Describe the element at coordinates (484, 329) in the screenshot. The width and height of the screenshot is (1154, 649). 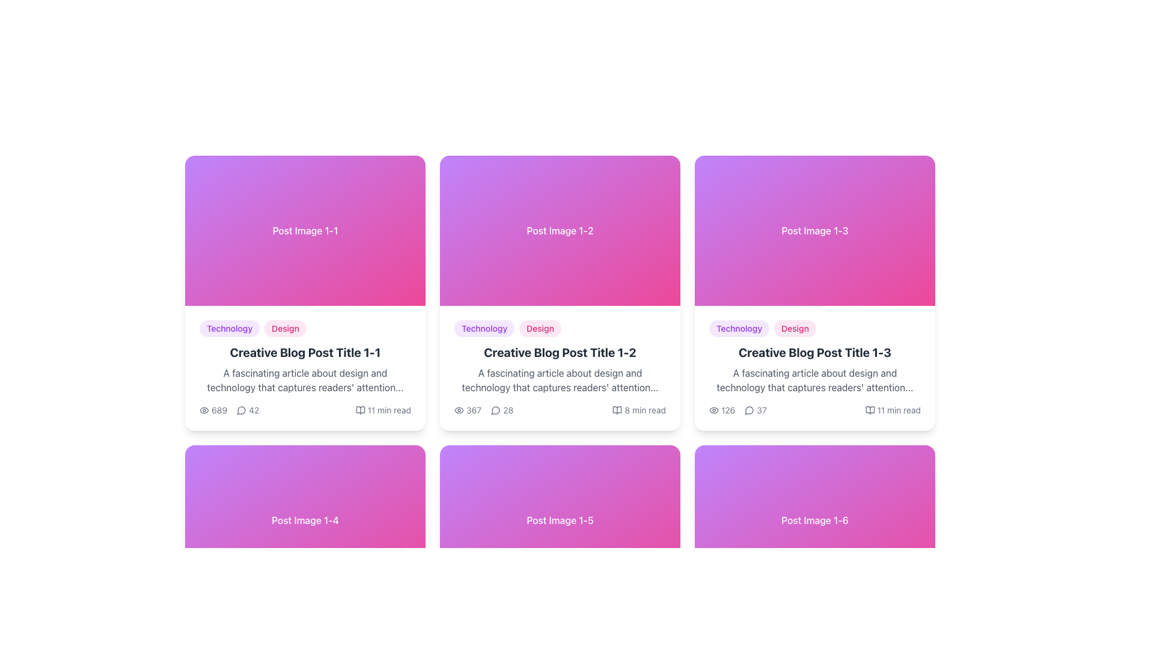
I see `the 'Technology' category label which is the first label in the top metadata section of the card for 'Creative Blog Post Title 1-2'` at that location.